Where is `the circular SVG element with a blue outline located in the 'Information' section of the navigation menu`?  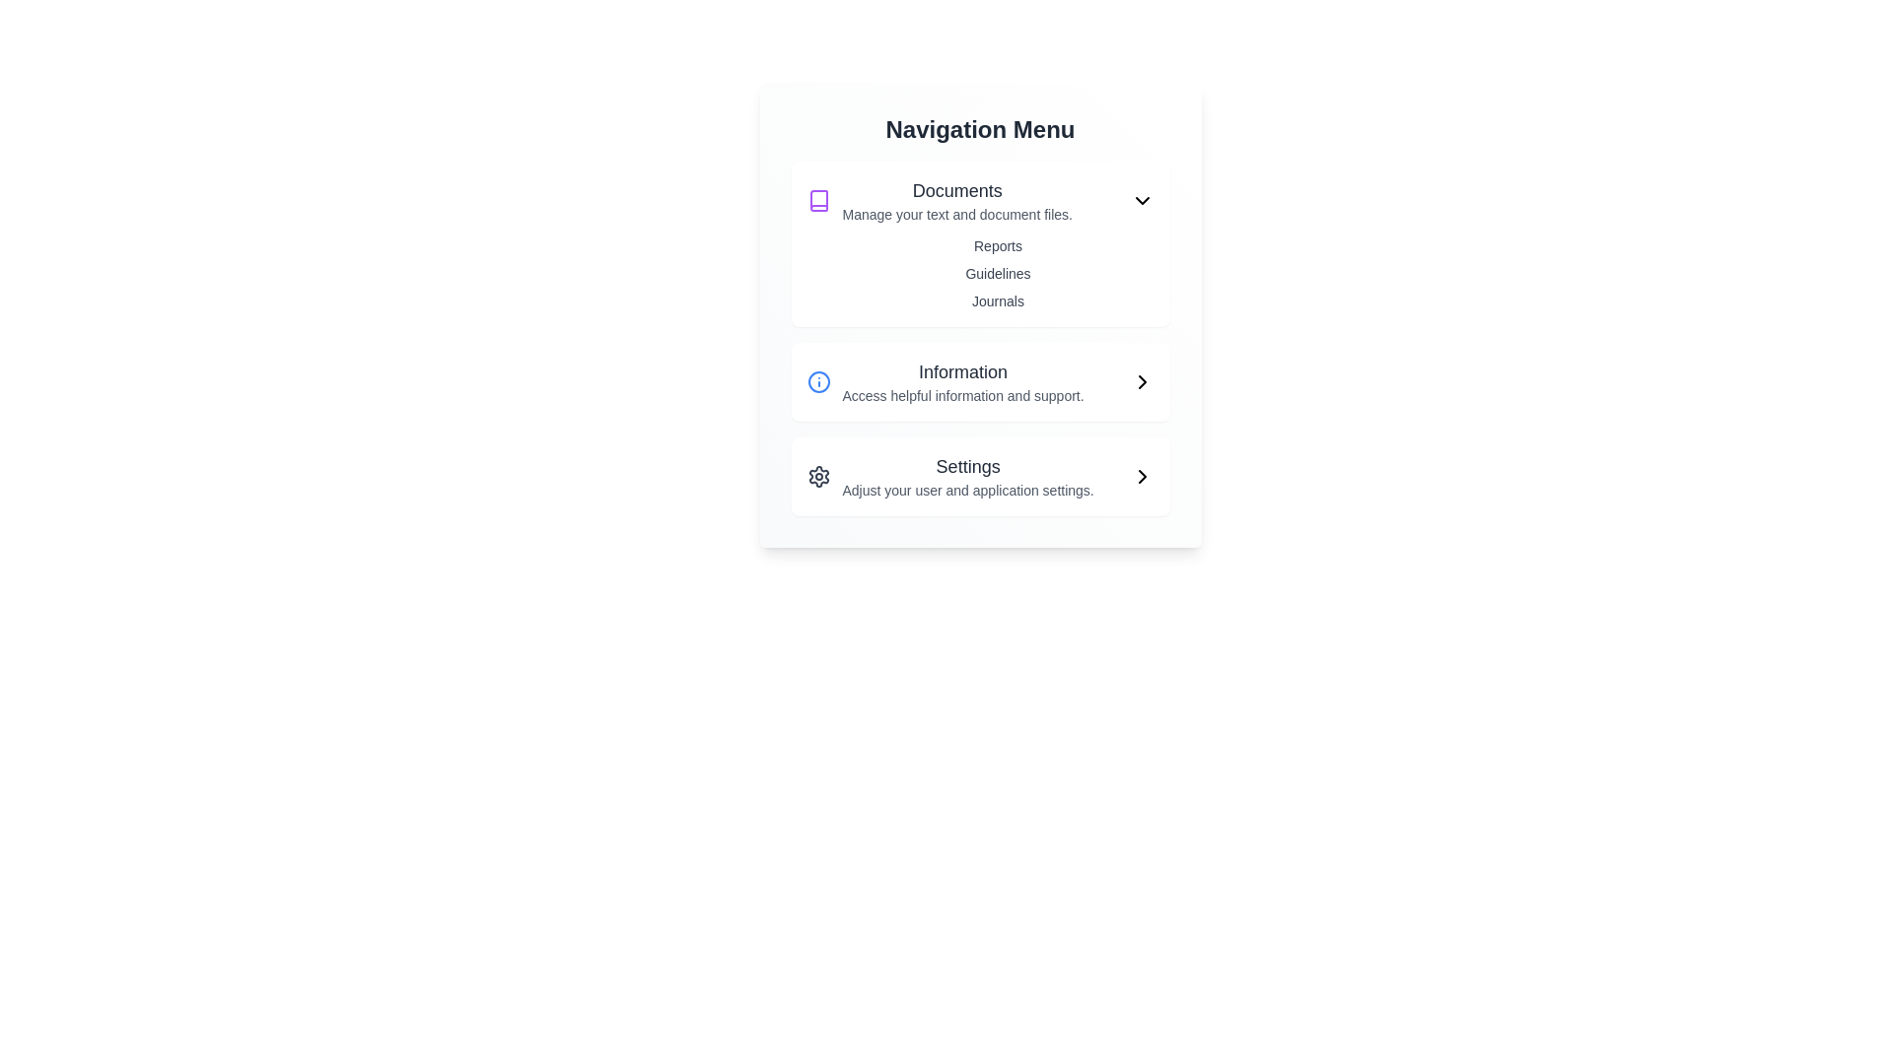
the circular SVG element with a blue outline located in the 'Information' section of the navigation menu is located at coordinates (818, 382).